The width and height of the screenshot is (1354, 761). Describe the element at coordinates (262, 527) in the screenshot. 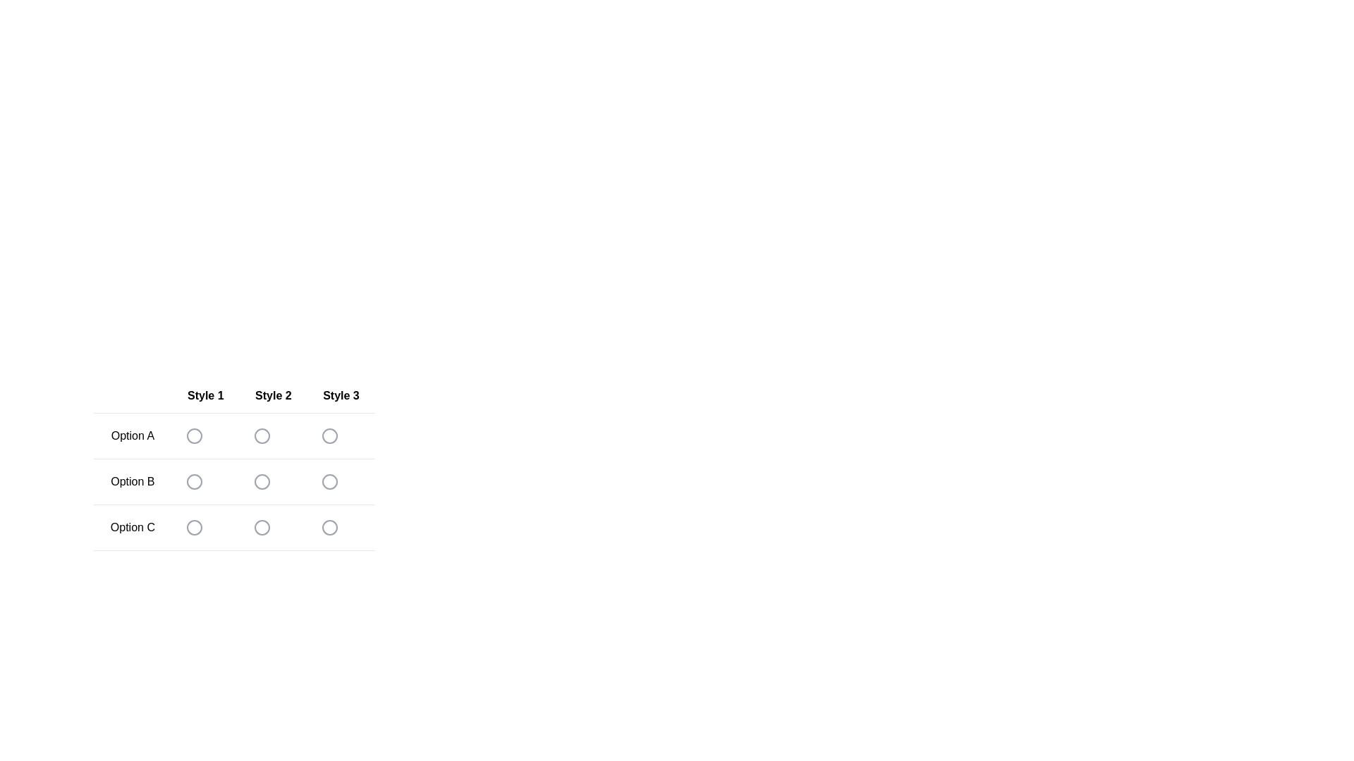

I see `the interactive radio button for 'Style 2' and 'Option C'` at that location.